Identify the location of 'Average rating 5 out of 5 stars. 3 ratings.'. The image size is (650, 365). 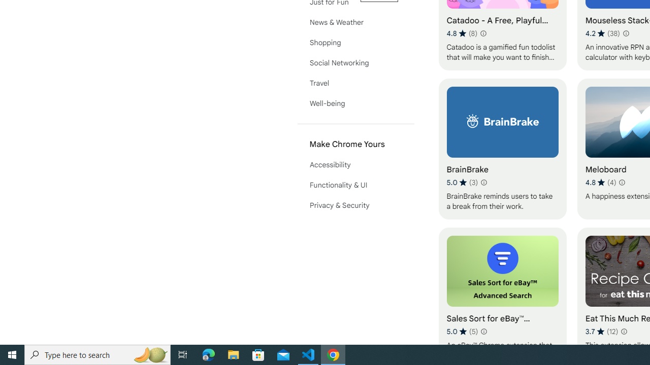
(462, 182).